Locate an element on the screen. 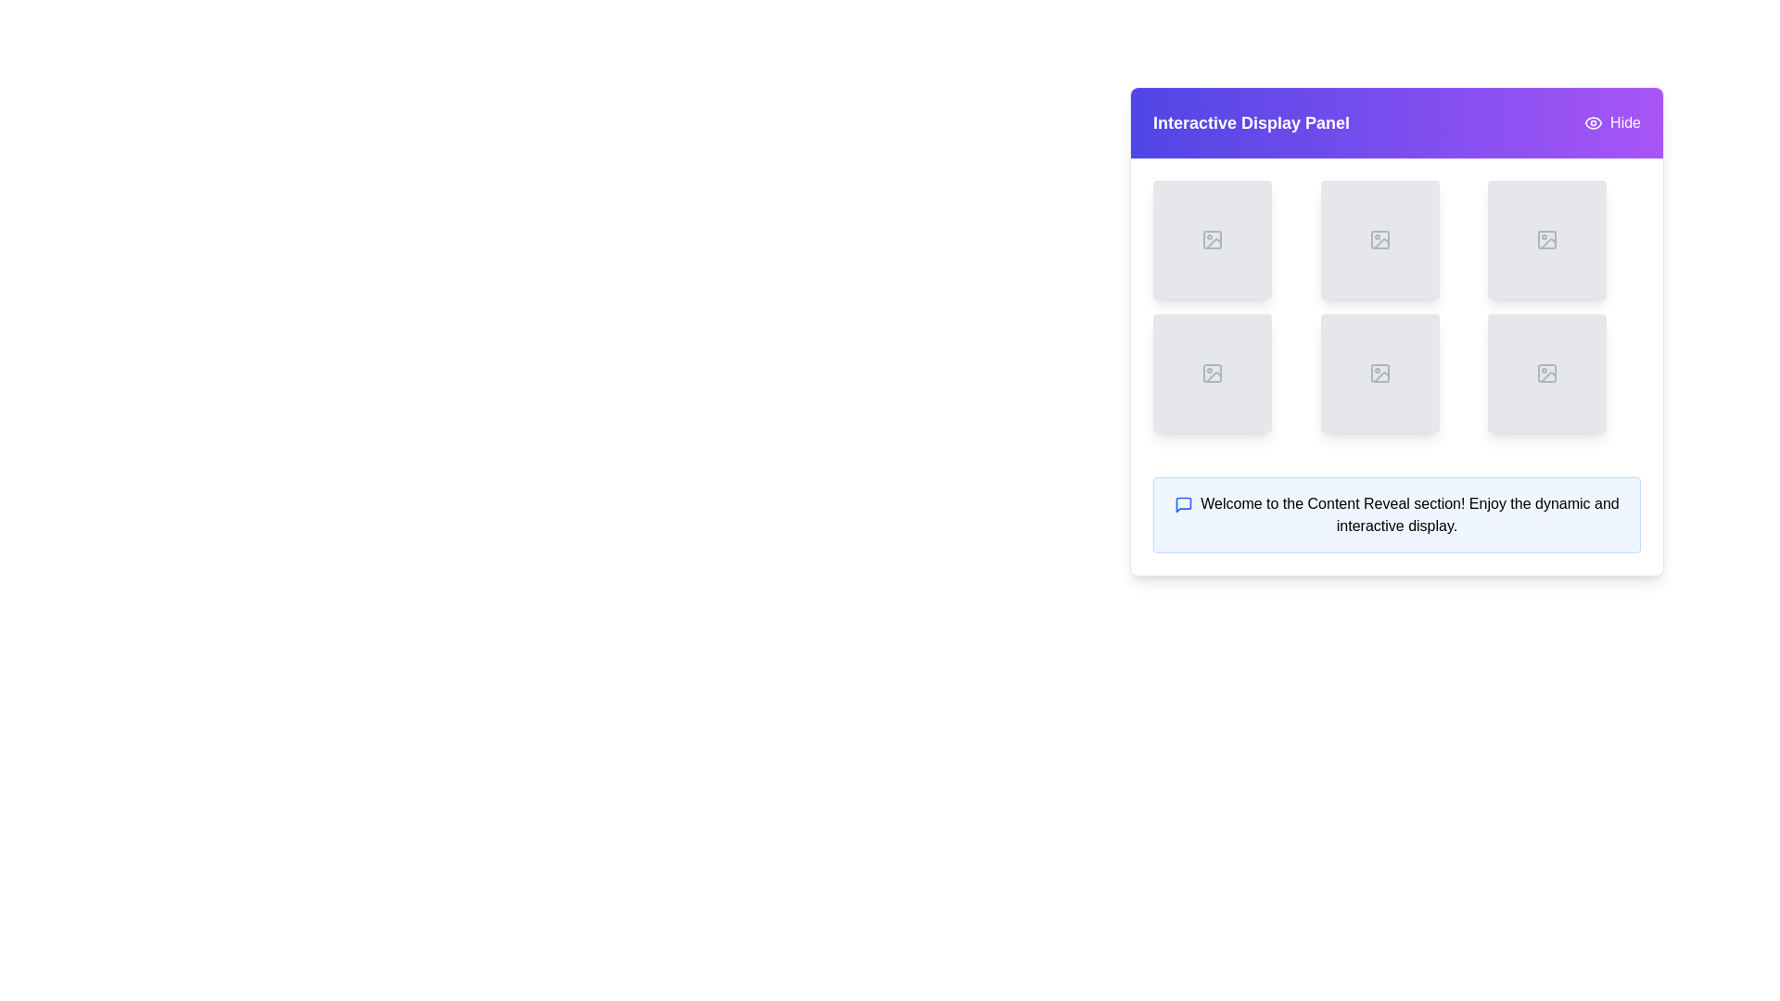  the decorative shape within the image placeholder icon located in the top-right grid cell of the 2x3 grid in the purple 'Interactive Display Panel' is located at coordinates (1547, 238).